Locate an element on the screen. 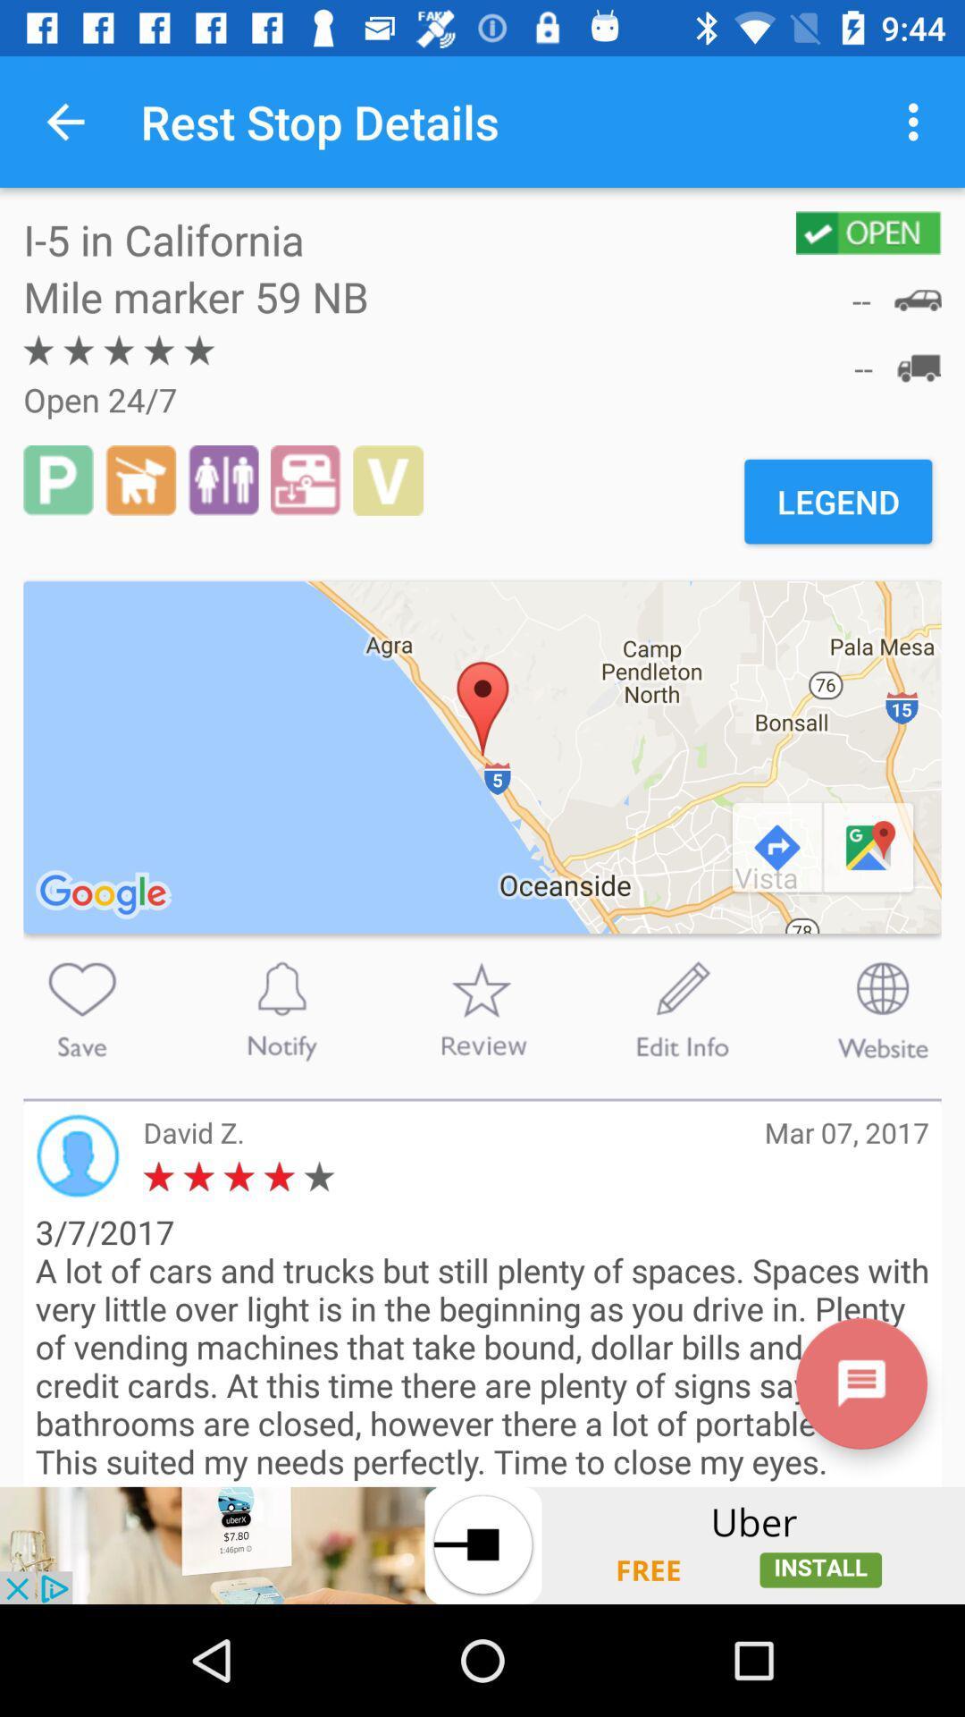 This screenshot has width=965, height=1717. the button is used save button is located at coordinates (81, 1010).